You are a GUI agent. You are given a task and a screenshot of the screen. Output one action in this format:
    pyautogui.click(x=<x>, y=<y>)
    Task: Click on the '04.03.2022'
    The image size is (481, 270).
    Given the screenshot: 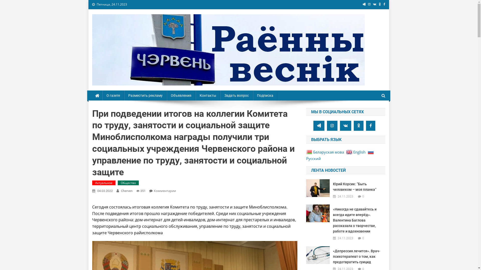 What is the action you would take?
    pyautogui.click(x=104, y=191)
    